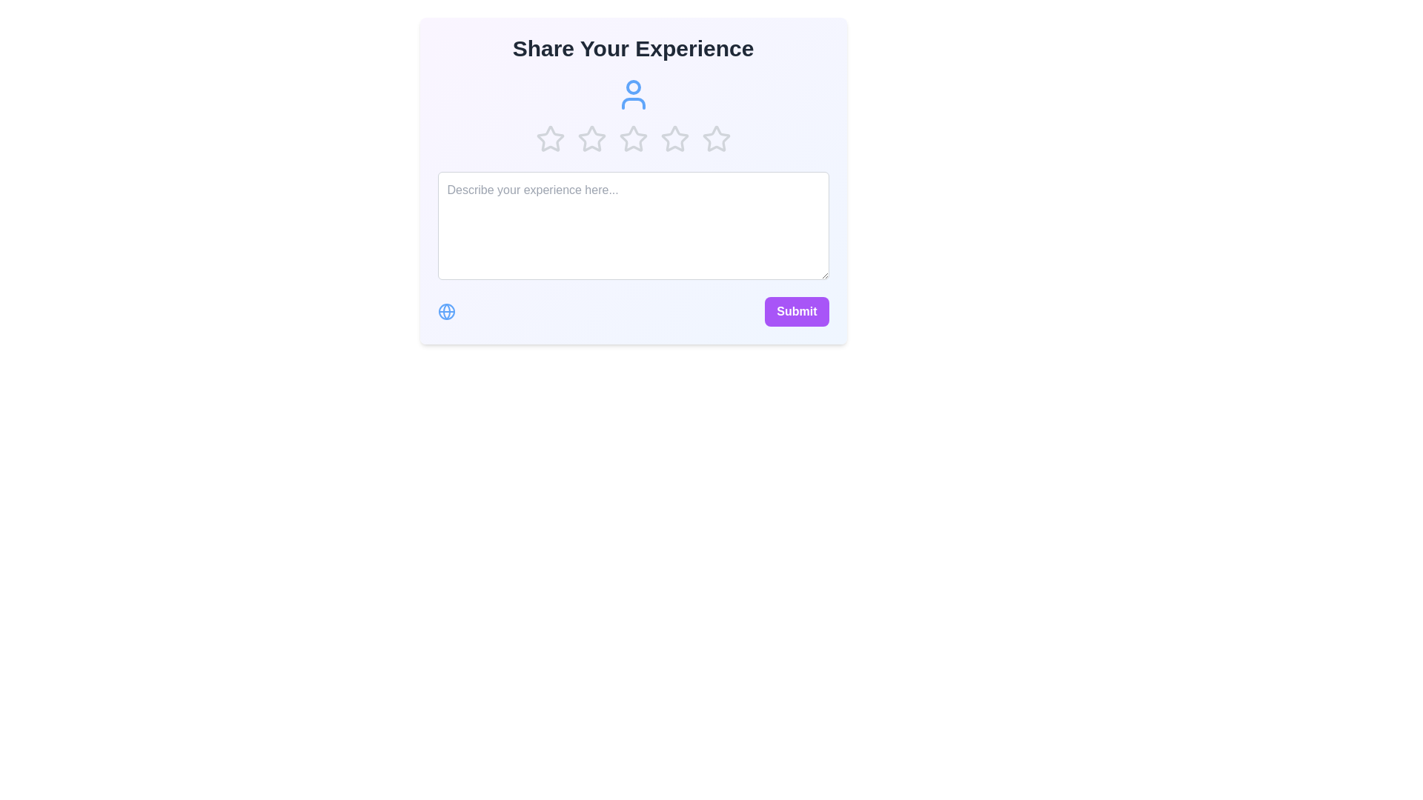  Describe the element at coordinates (633, 87) in the screenshot. I see `the upper circular part of the user icon, which is a blue circular outline within the SVG design, located above the star rating feature and near the title 'Share Your Experience'` at that location.